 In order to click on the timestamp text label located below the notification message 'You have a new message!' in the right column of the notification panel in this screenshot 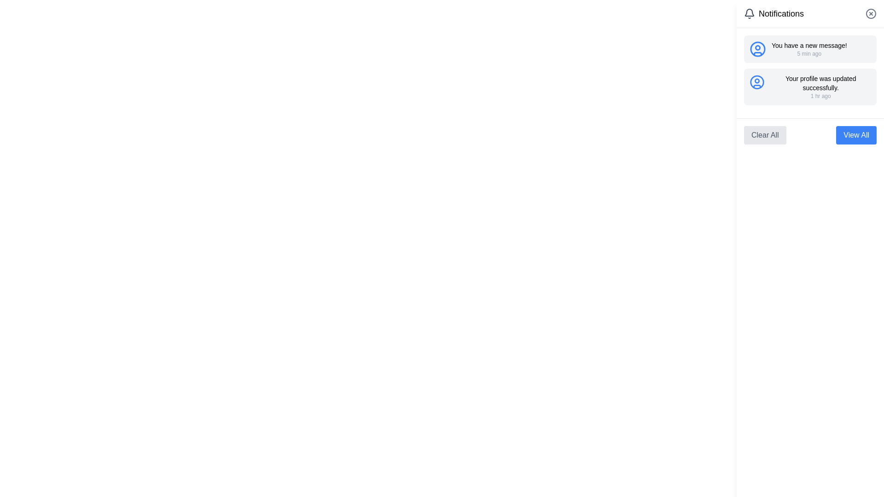, I will do `click(808, 53)`.